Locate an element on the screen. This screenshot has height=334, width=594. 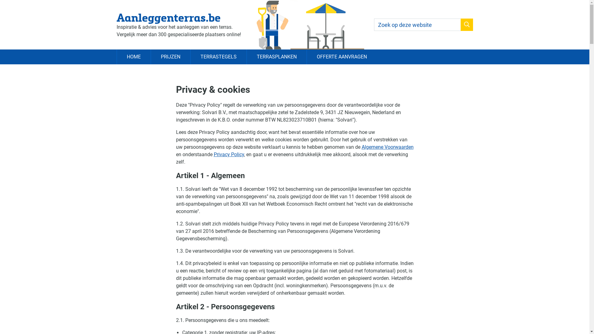
'Privacy Policy' is located at coordinates (213, 154).